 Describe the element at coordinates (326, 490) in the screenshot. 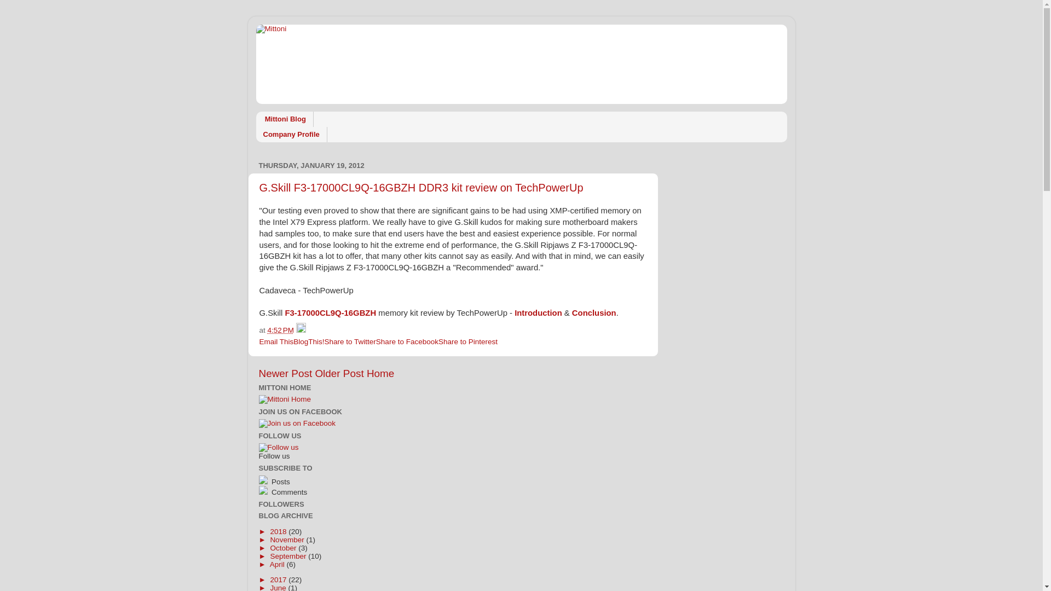

I see `'Comments'` at that location.